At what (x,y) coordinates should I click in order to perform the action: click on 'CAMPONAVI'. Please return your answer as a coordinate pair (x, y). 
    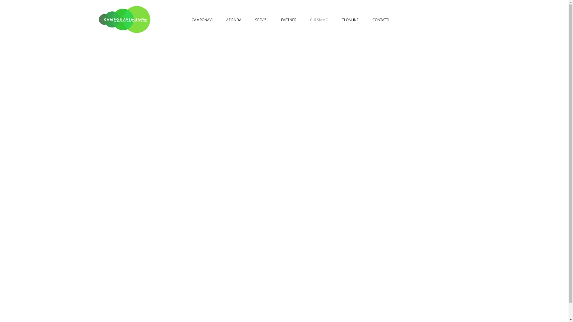
    Looking at the image, I should click on (202, 19).